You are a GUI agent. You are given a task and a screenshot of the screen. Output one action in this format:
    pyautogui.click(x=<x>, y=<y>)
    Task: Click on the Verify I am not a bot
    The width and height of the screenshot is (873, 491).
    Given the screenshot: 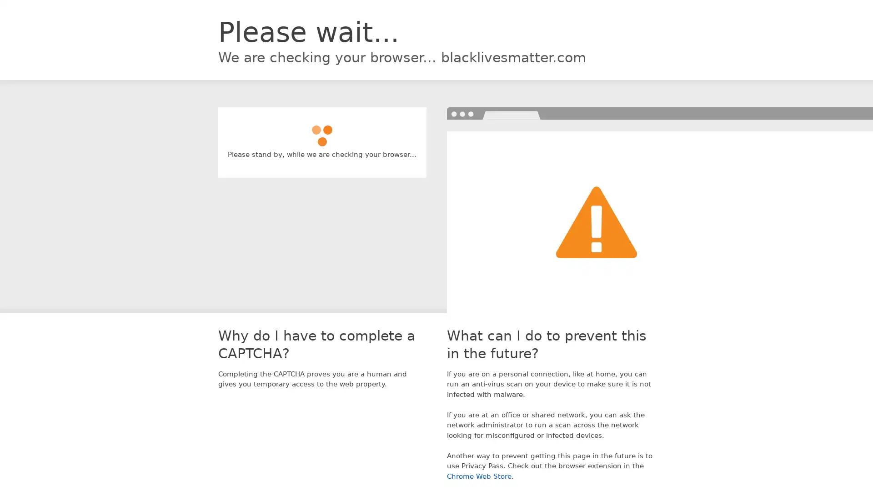 What is the action you would take?
    pyautogui.click(x=322, y=131)
    